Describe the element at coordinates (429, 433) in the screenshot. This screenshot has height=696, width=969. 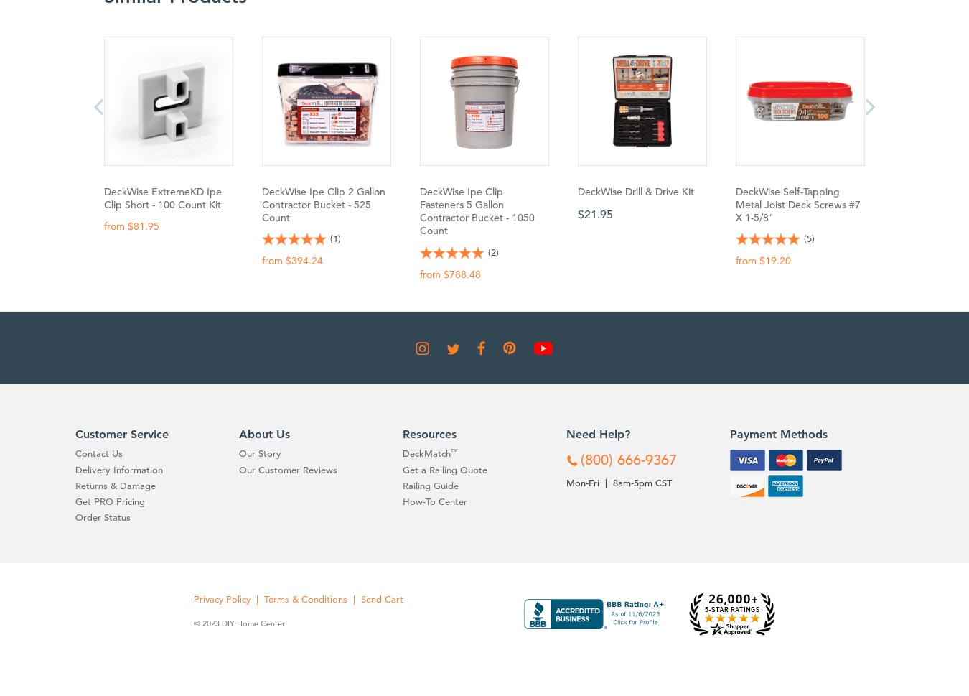
I see `'Resources'` at that location.